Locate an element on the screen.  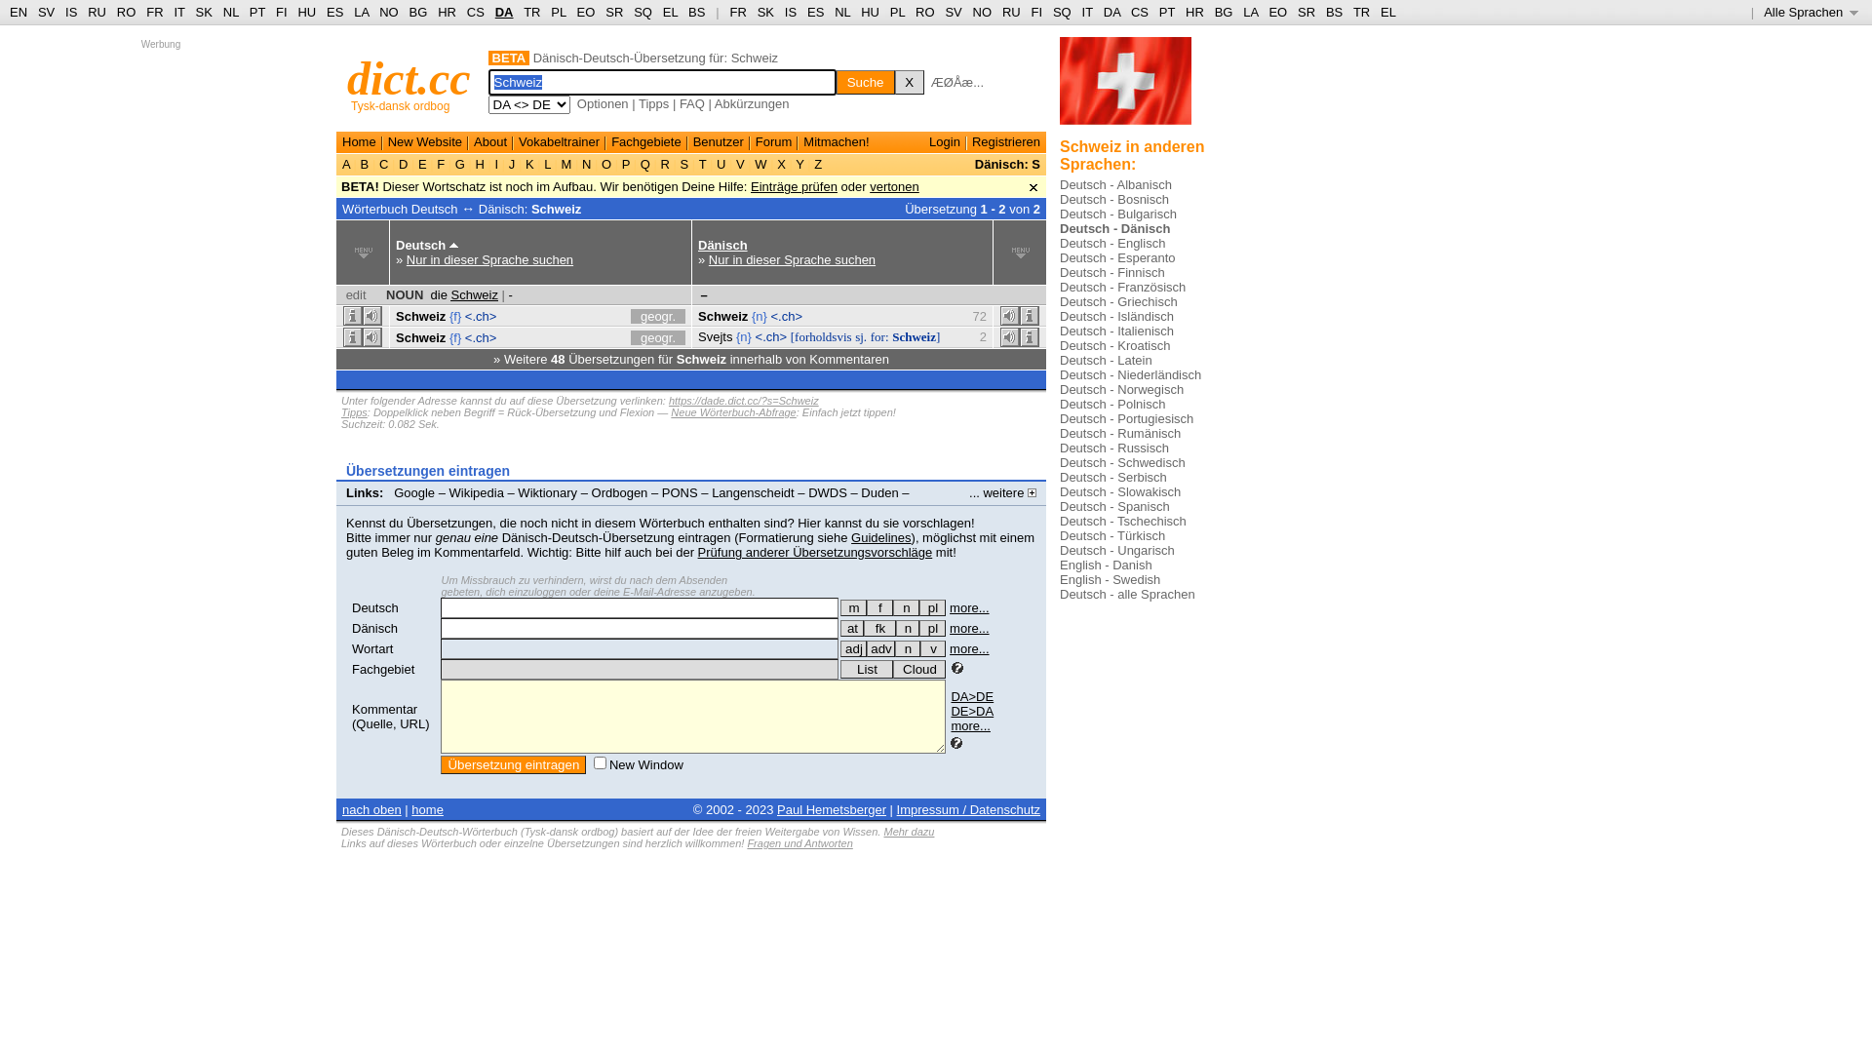
'NL' is located at coordinates (230, 12).